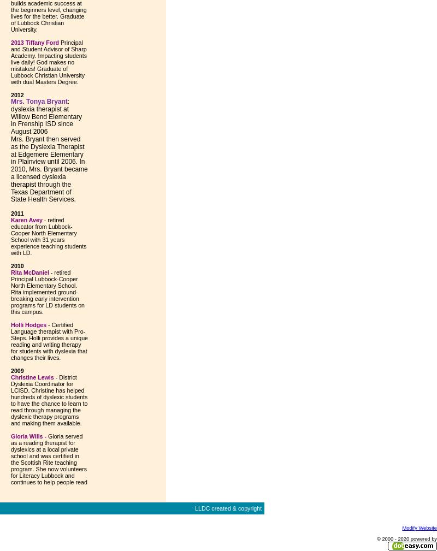 The height and width of the screenshot is (551, 437). Describe the element at coordinates (28, 436) in the screenshot. I see `'Gloria Wills -'` at that location.